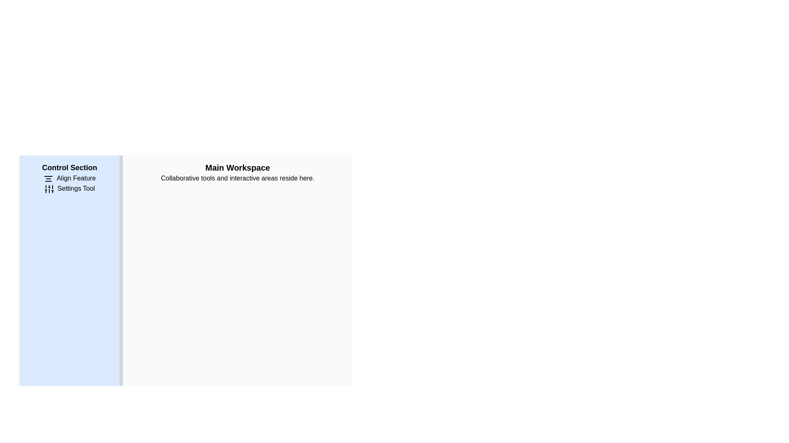 This screenshot has width=789, height=443. I want to click on the bold text label 'Control Section' located at the top-left of a blue panel, so click(69, 167).